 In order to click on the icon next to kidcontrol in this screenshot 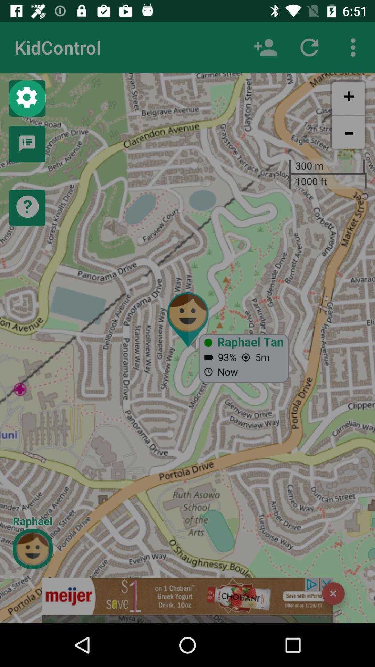, I will do `click(265, 47)`.